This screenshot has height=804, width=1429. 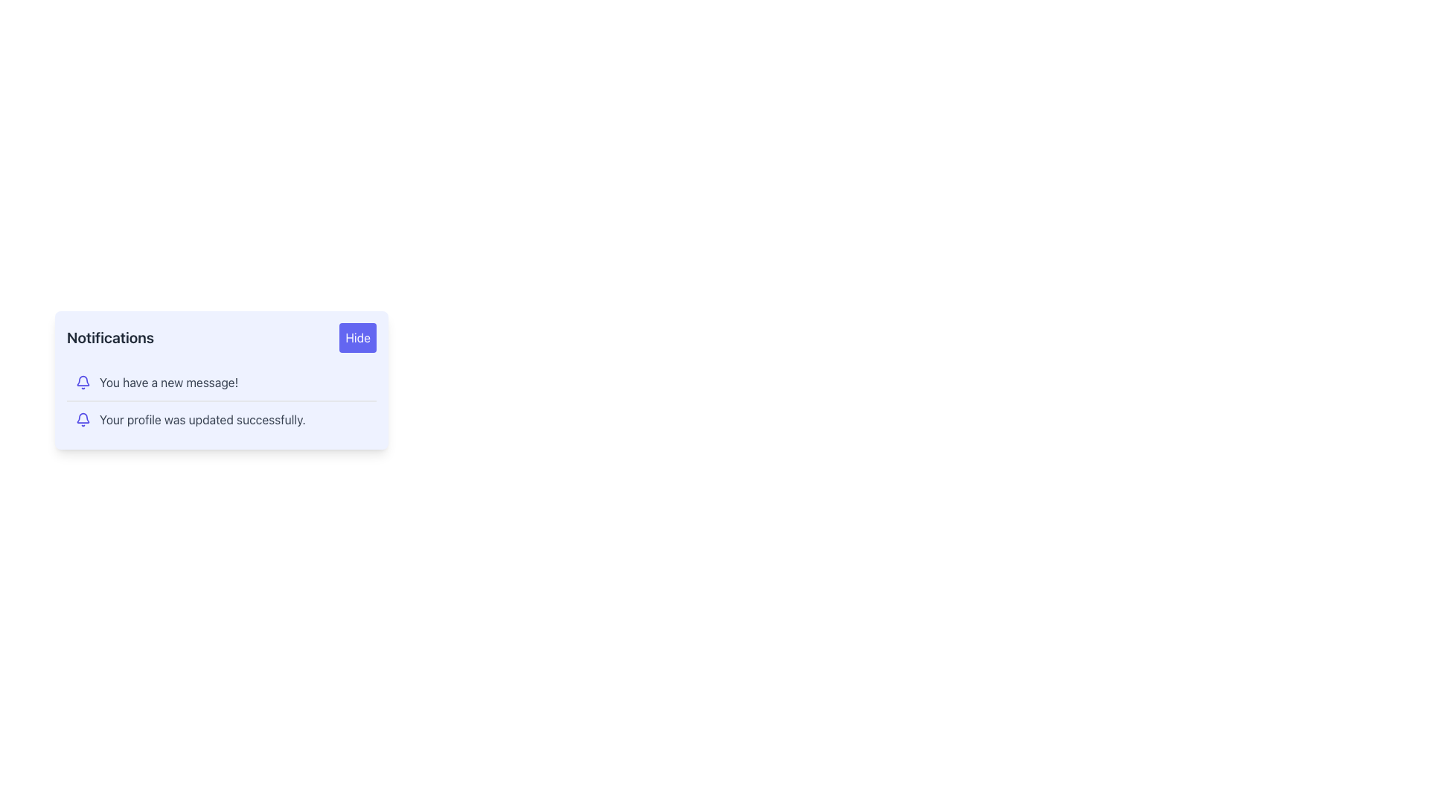 I want to click on the 'Hide' button with a vibrant indigo background and white text to hide notifications, so click(x=358, y=338).